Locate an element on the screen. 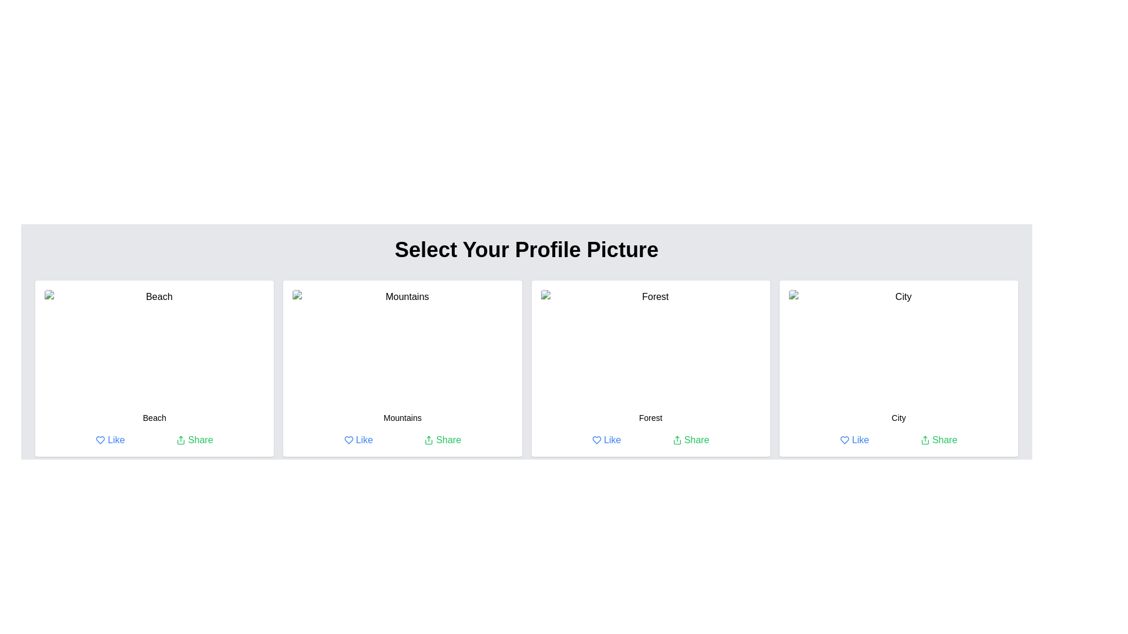 The image size is (1128, 634). the 'Share' button located in the interactive control group at the bottom of the 'Beach' card to share the item is located at coordinates (154, 440).